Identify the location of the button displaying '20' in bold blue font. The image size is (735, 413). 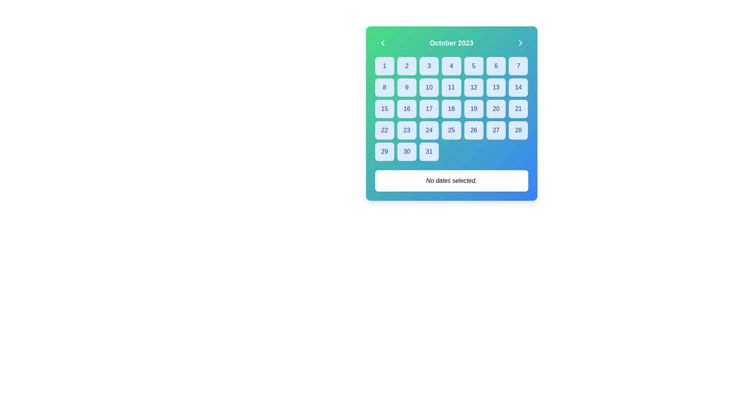
(496, 109).